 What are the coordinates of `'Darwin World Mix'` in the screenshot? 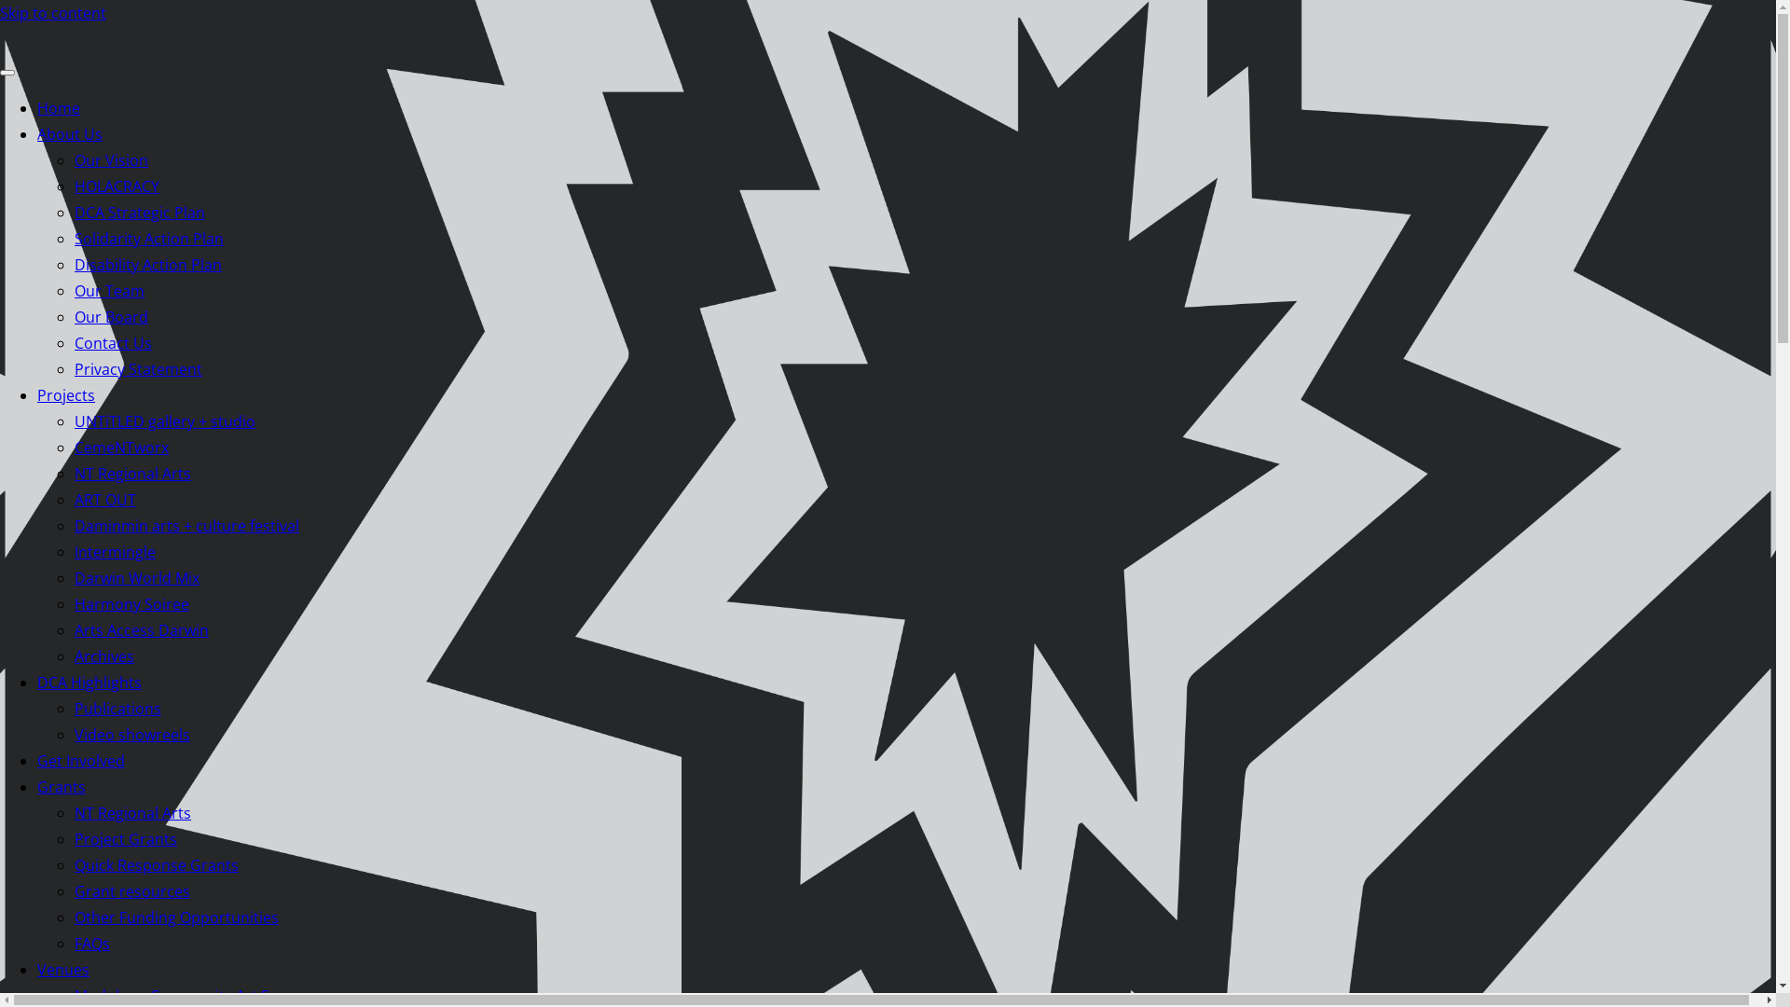 It's located at (75, 577).